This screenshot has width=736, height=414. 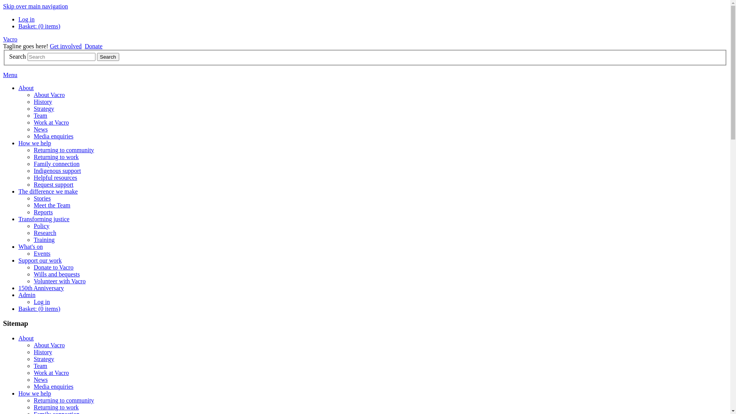 I want to click on 'Wills and bequests', so click(x=33, y=274).